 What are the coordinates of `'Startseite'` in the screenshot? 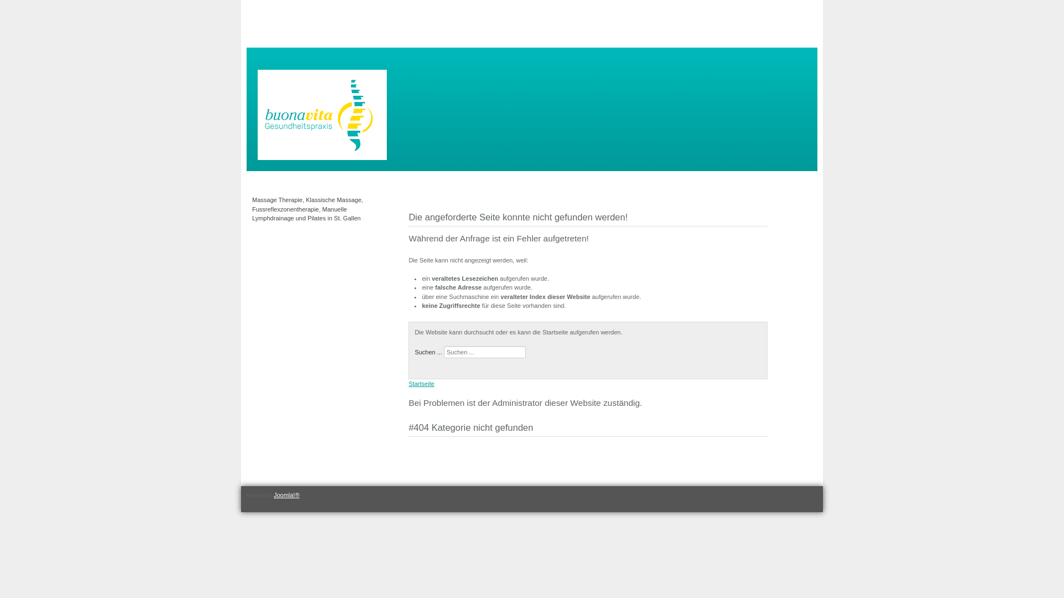 It's located at (420, 383).